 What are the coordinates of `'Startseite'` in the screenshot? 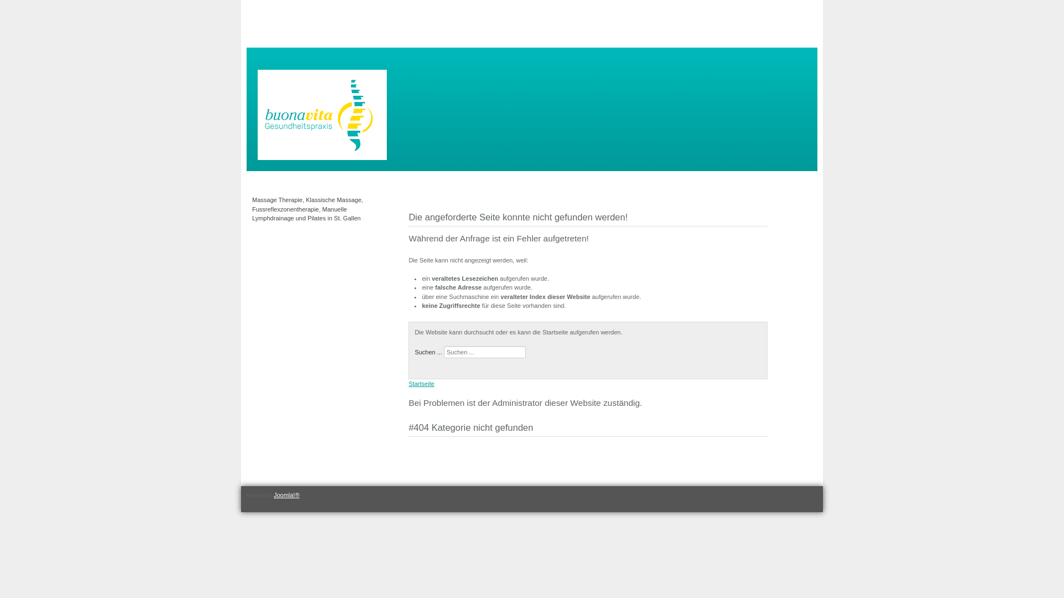 It's located at (420, 383).